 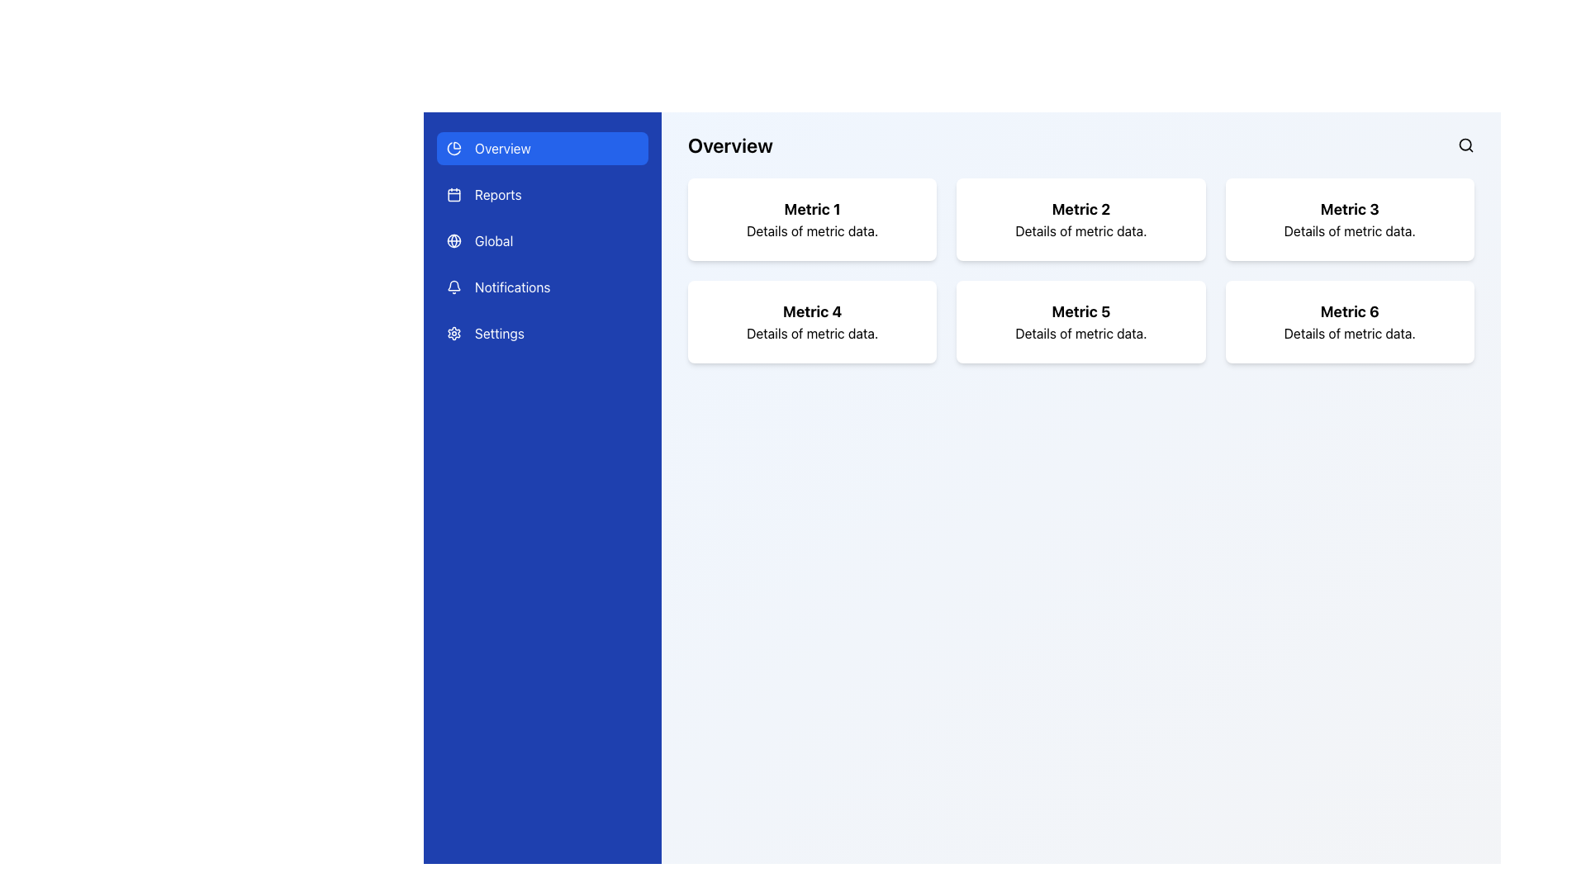 I want to click on the 'Overview' navigation icon located in the left navigation panel, which is the first option above the 'Reports' label, so click(x=454, y=149).